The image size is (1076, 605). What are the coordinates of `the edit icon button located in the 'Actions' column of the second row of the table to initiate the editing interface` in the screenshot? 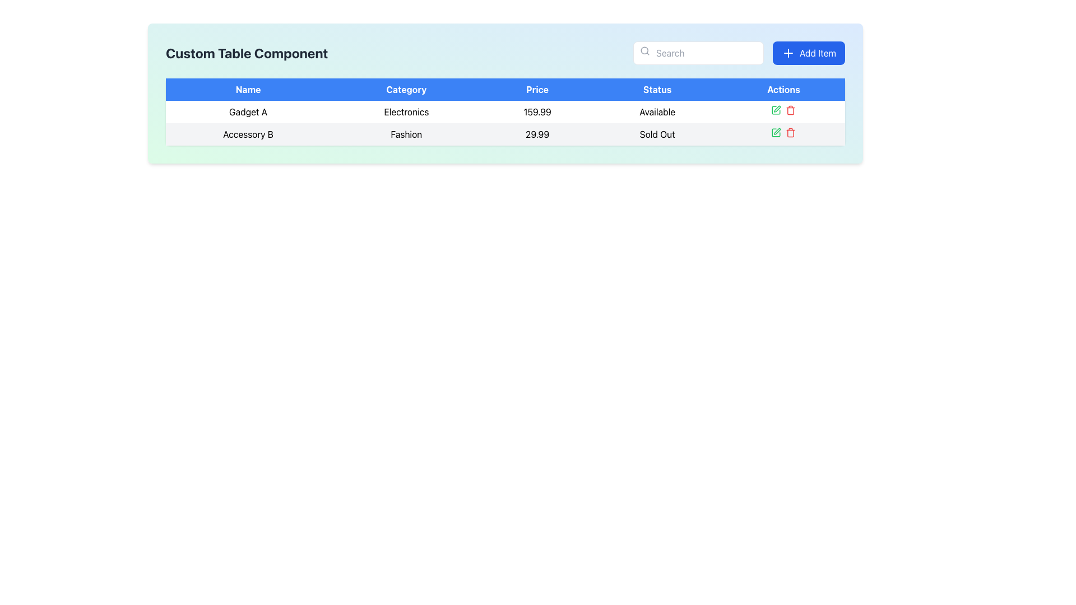 It's located at (777, 108).